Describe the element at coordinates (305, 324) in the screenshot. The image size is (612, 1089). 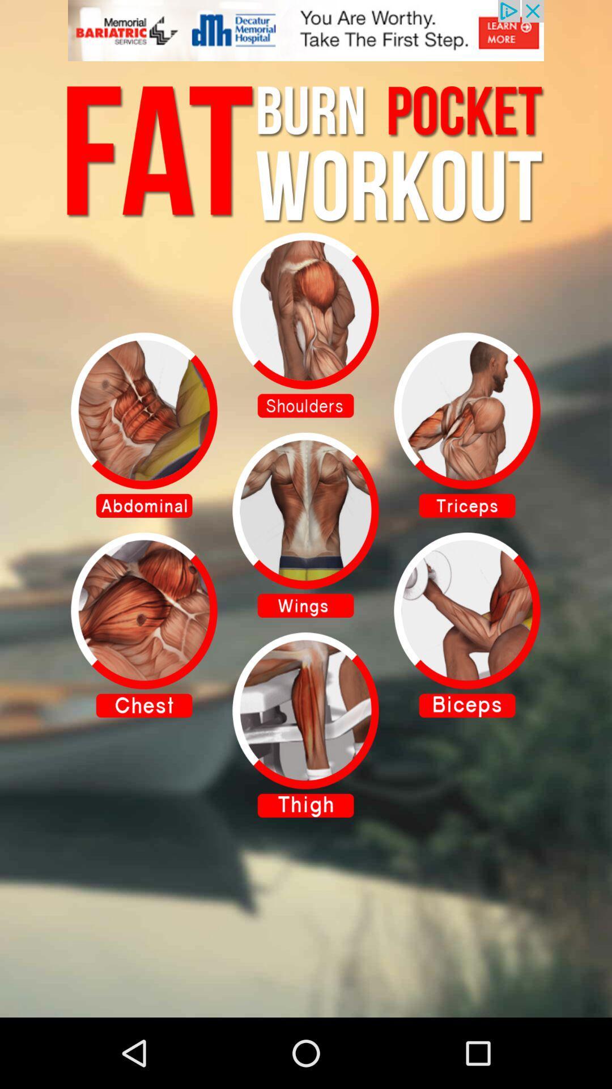
I see `to view selected item` at that location.